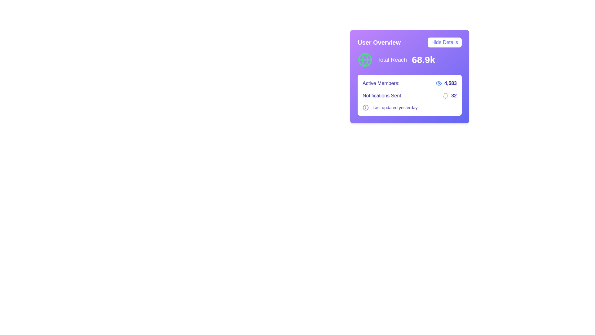 The height and width of the screenshot is (335, 595). Describe the element at coordinates (409, 96) in the screenshot. I see `the statistic displayed in the data row labeled 'Notifications Sent:' which shows the number '32' accompanied by a yellow bell icon` at that location.